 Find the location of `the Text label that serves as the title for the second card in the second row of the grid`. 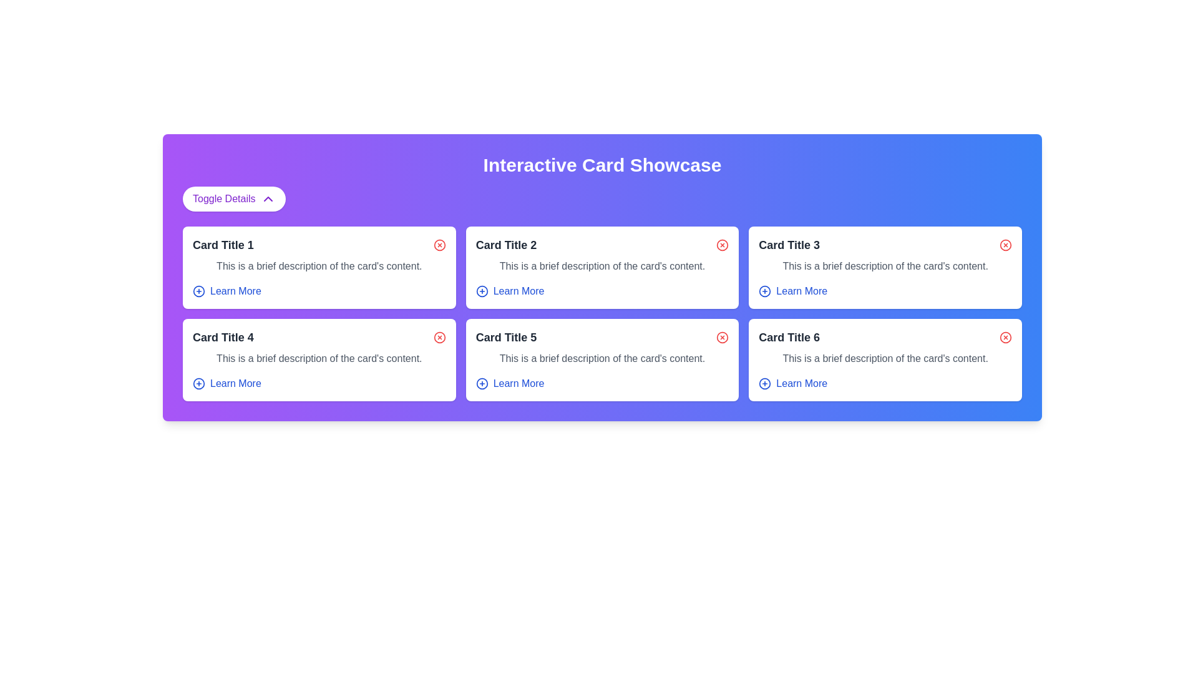

the Text label that serves as the title for the second card in the second row of the grid is located at coordinates (506, 337).